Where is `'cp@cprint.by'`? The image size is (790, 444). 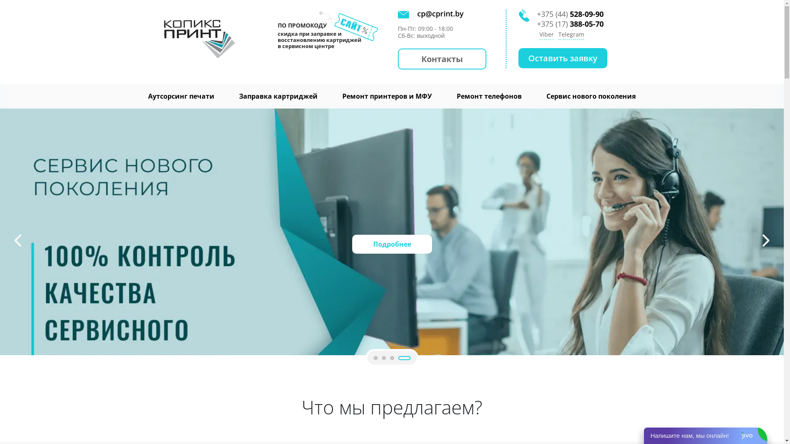
'cp@cprint.by' is located at coordinates (437, 14).